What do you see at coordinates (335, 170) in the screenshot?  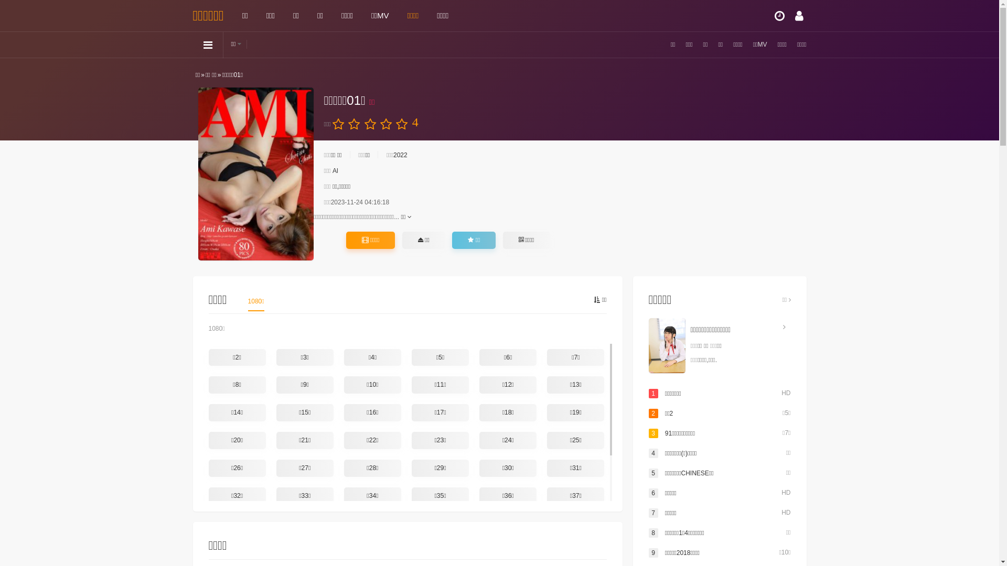 I see `'Al'` at bounding box center [335, 170].